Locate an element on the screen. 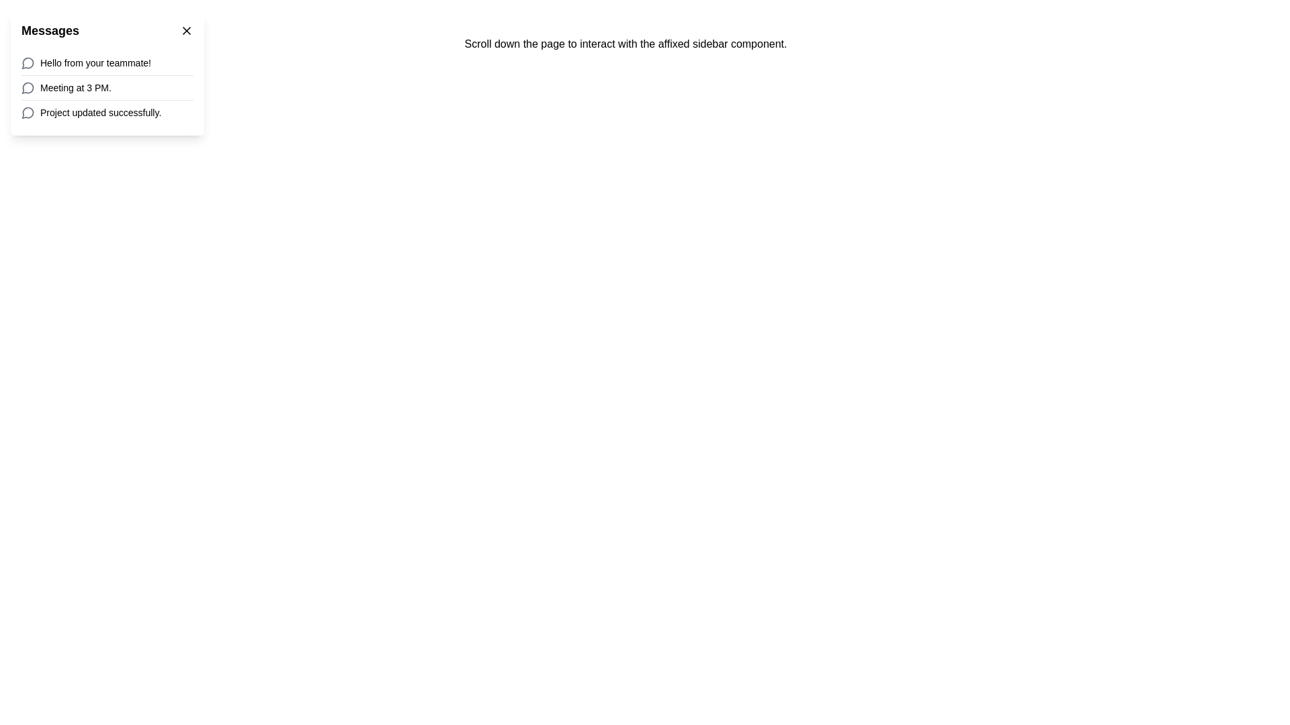  the List Item with Icon displaying the notification 'Meeting at 3 PM.' located under the heading 'Messages.' is located at coordinates (106, 88).